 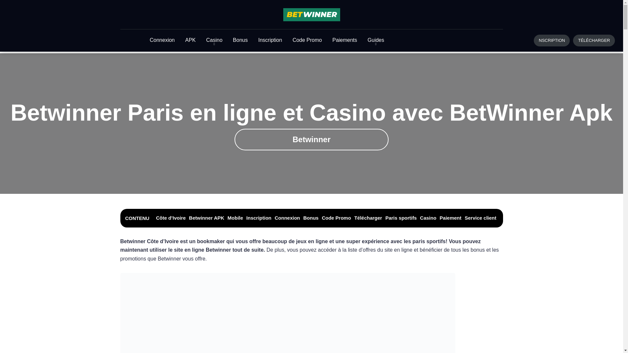 What do you see at coordinates (311, 139) in the screenshot?
I see `'Betwinner'` at bounding box center [311, 139].